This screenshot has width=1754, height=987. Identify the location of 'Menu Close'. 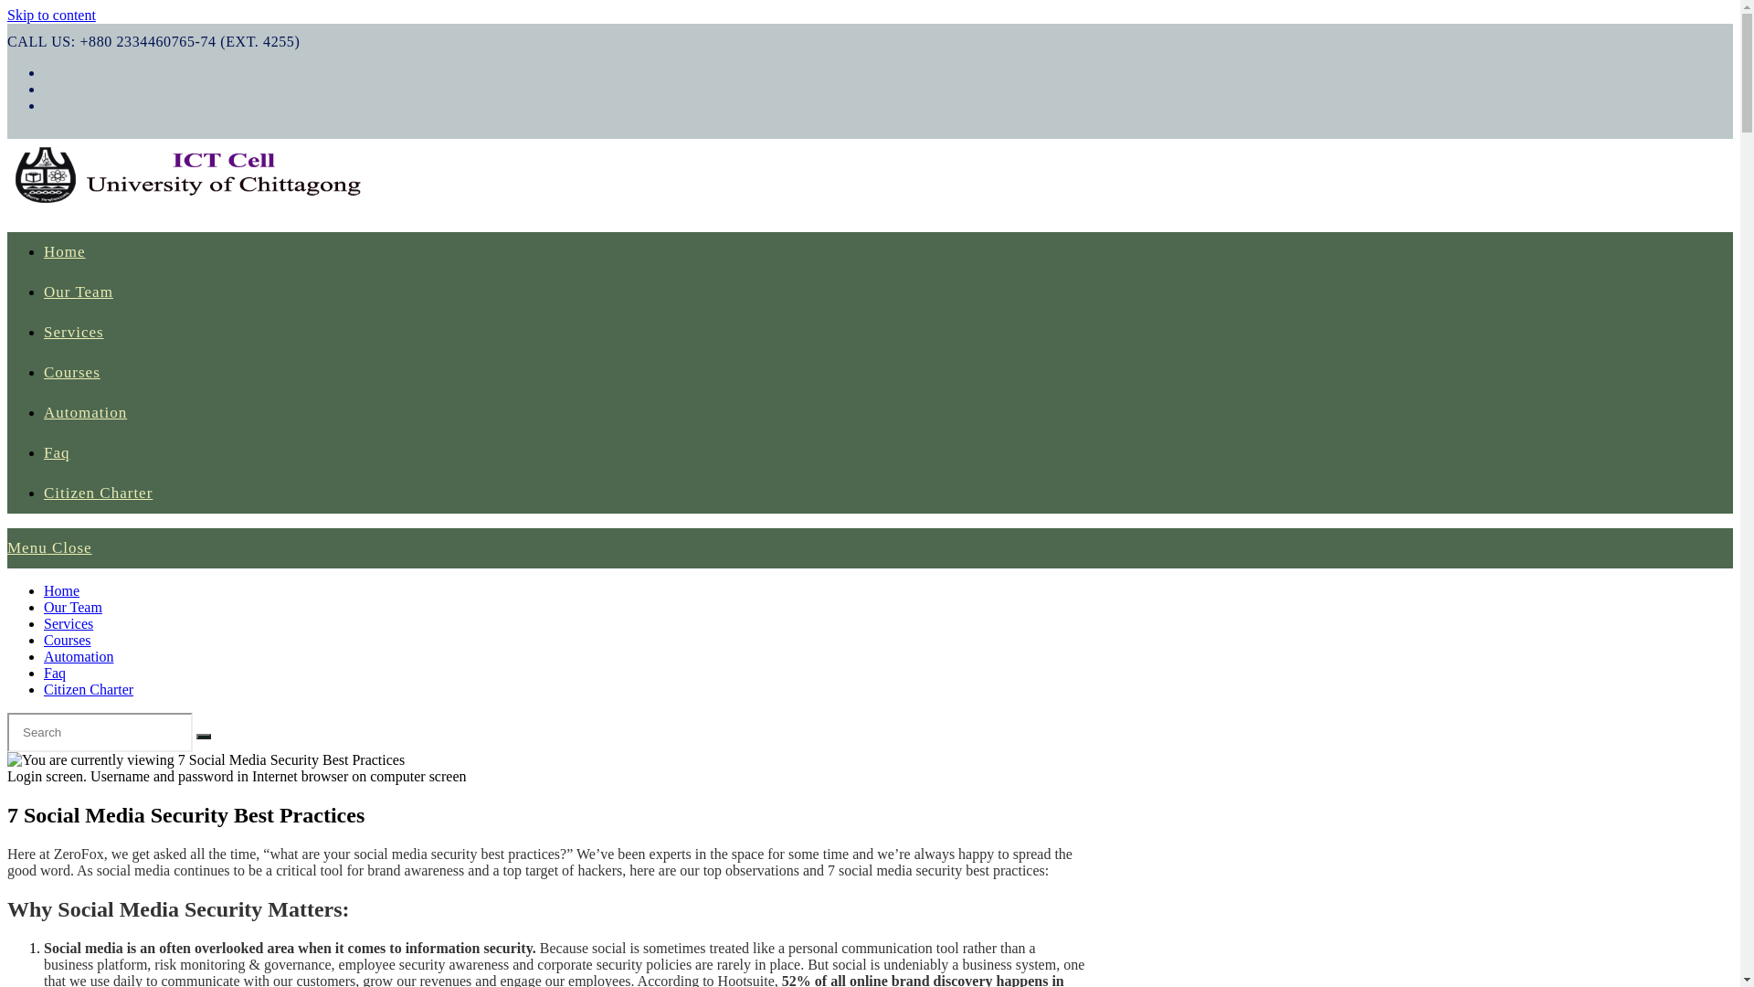
(49, 547).